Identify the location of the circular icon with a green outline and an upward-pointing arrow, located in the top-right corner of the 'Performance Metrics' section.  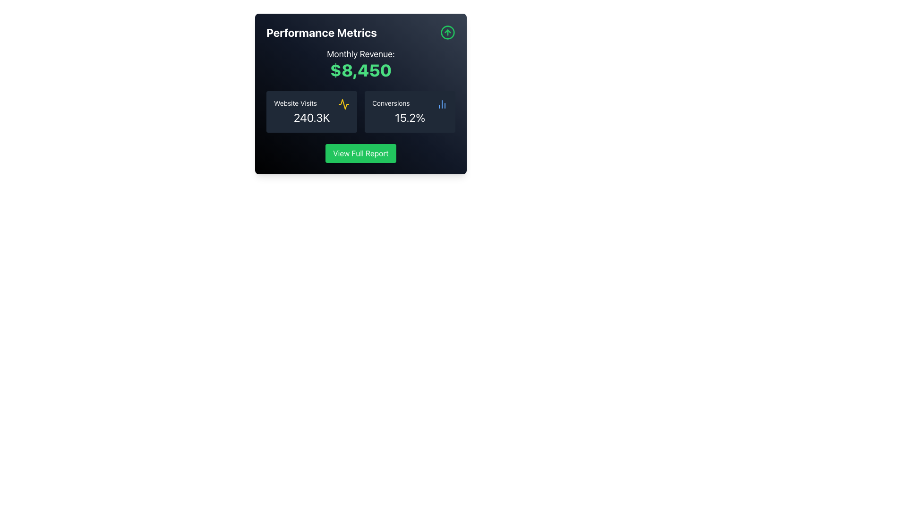
(447, 32).